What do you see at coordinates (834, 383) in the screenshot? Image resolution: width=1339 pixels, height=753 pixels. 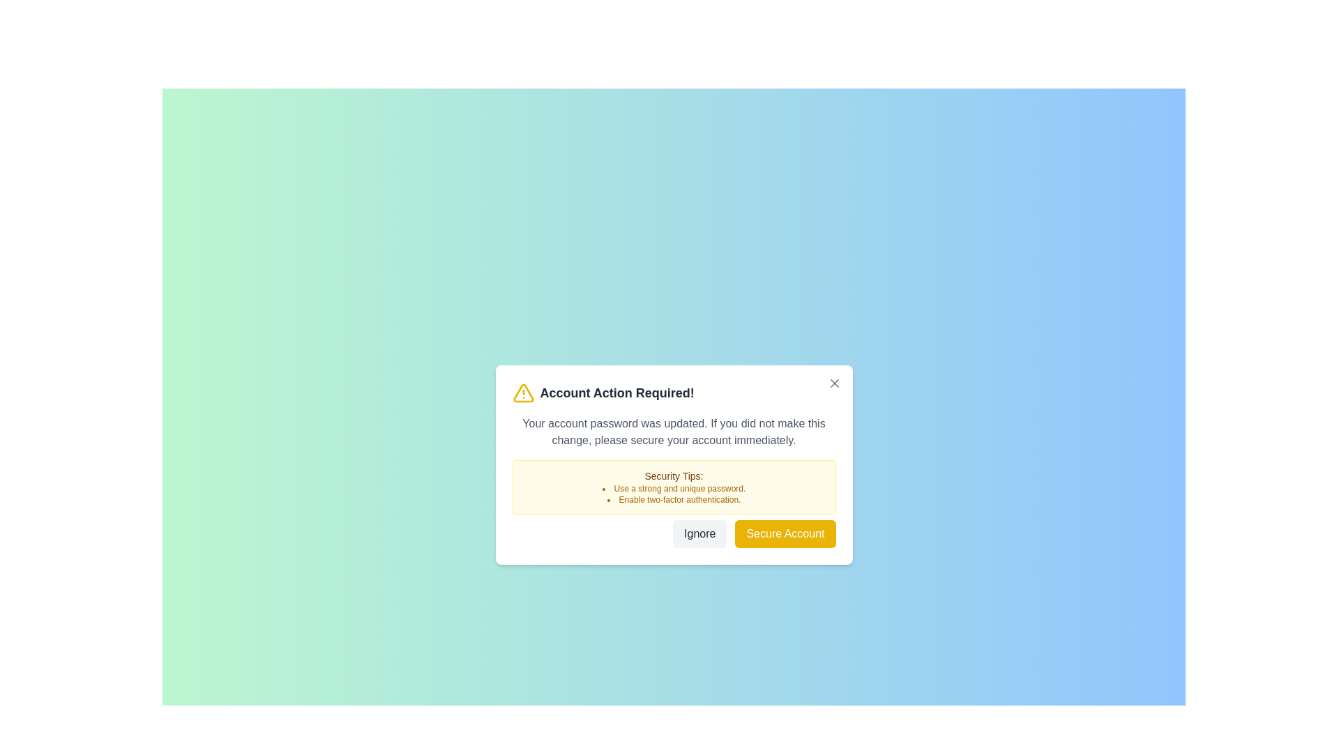 I see `the close button at the top-right corner of the notification to dismiss it` at bounding box center [834, 383].